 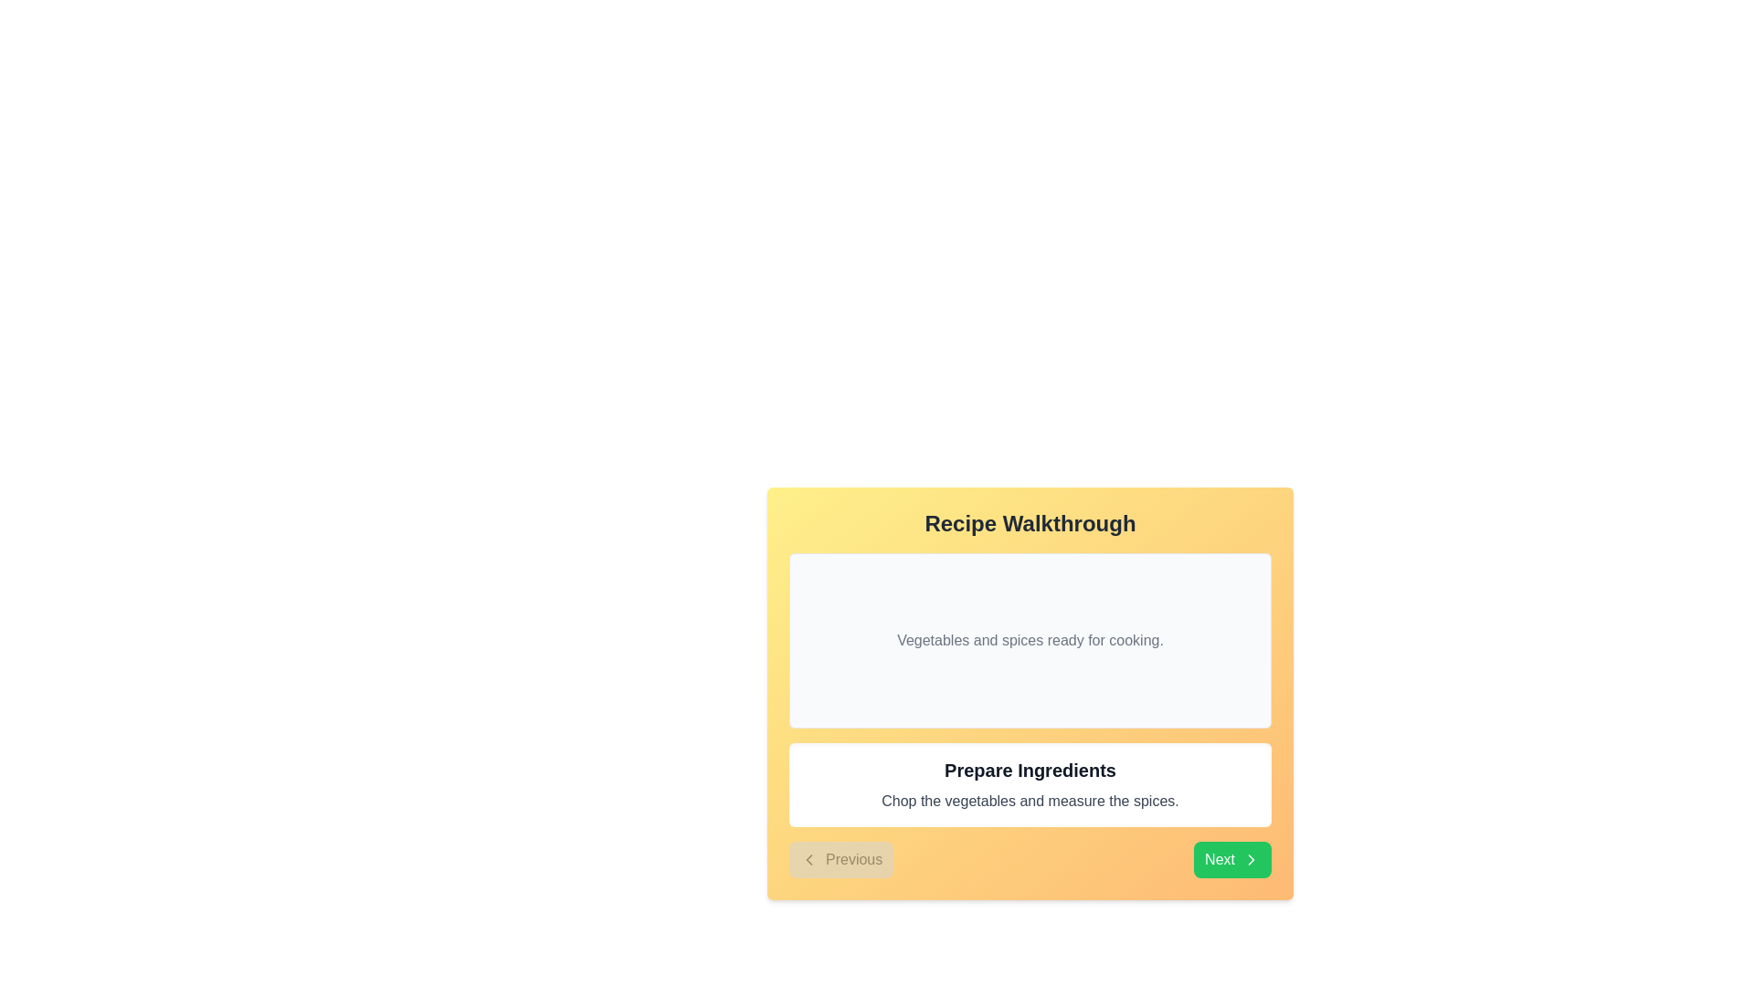 What do you see at coordinates (1232, 859) in the screenshot?
I see `the 'Next' button located on the yellow background near the bottom-right corner of the navigation section to proceed to the next step` at bounding box center [1232, 859].